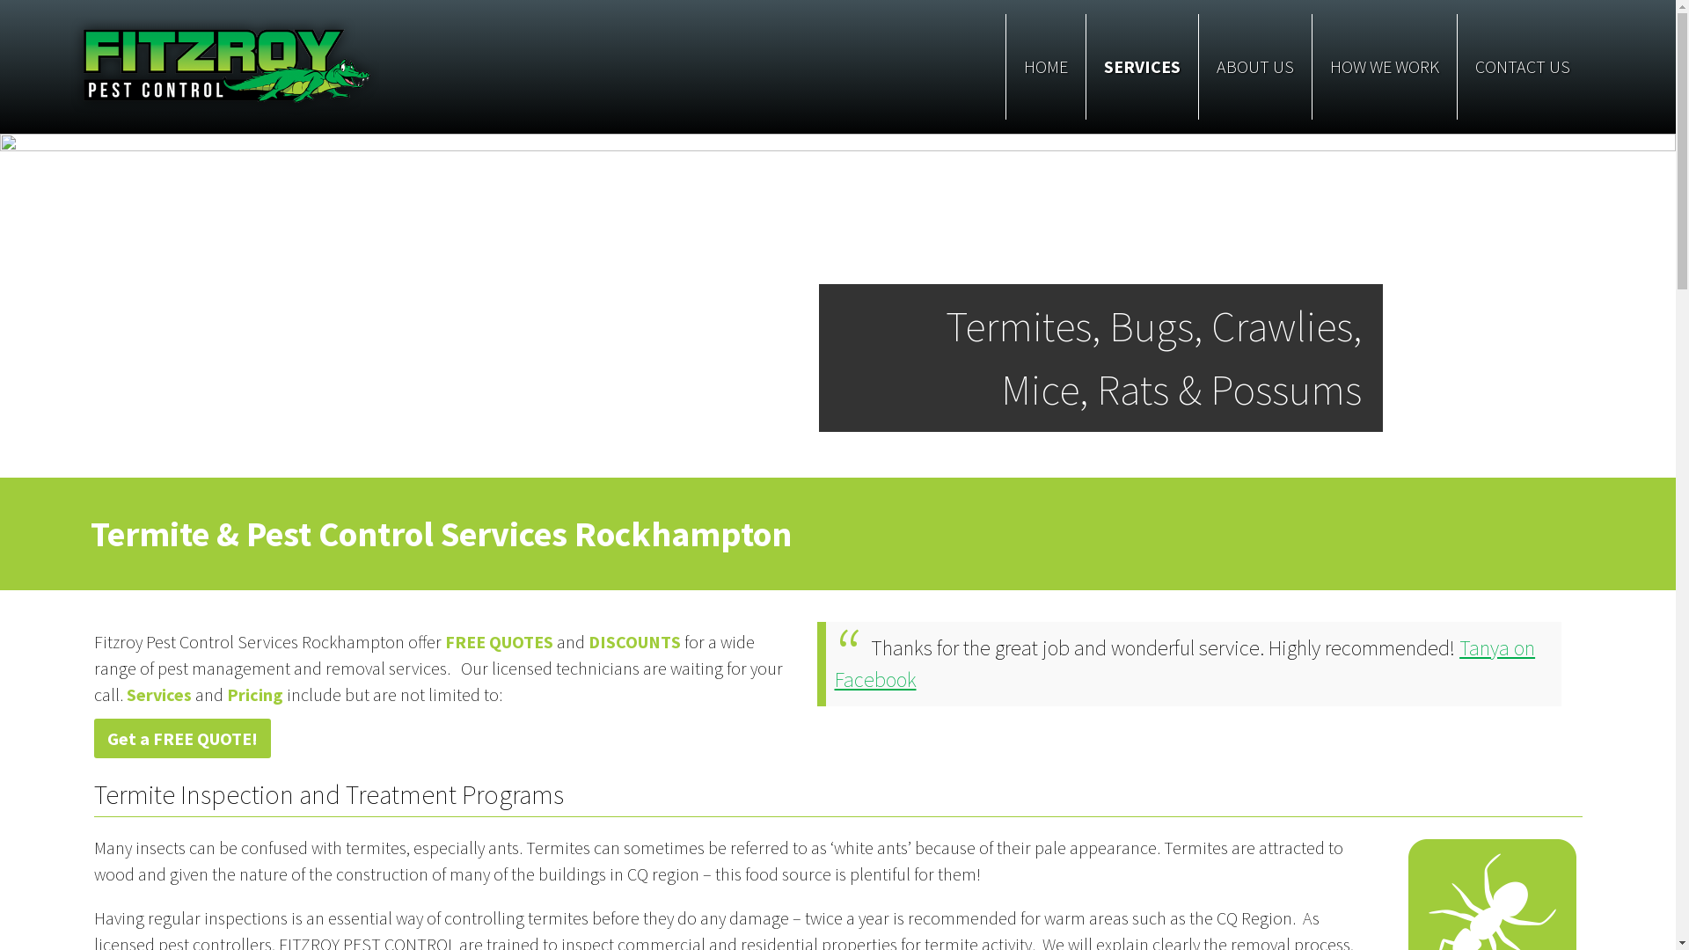 The image size is (1689, 950). I want to click on 'Get a FREE QUOTE!', so click(181, 738).